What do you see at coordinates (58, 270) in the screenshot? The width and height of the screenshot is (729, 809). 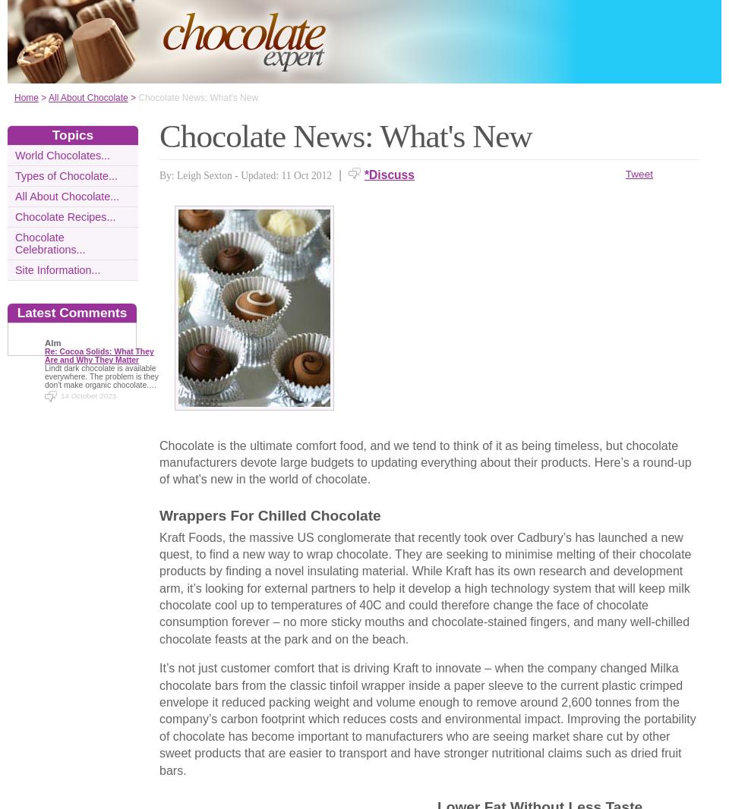 I see `'Site Information...'` at bounding box center [58, 270].